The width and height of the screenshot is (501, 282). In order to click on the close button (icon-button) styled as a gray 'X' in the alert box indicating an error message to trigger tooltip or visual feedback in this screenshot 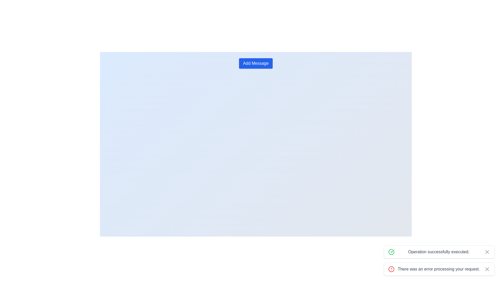, I will do `click(487, 269)`.